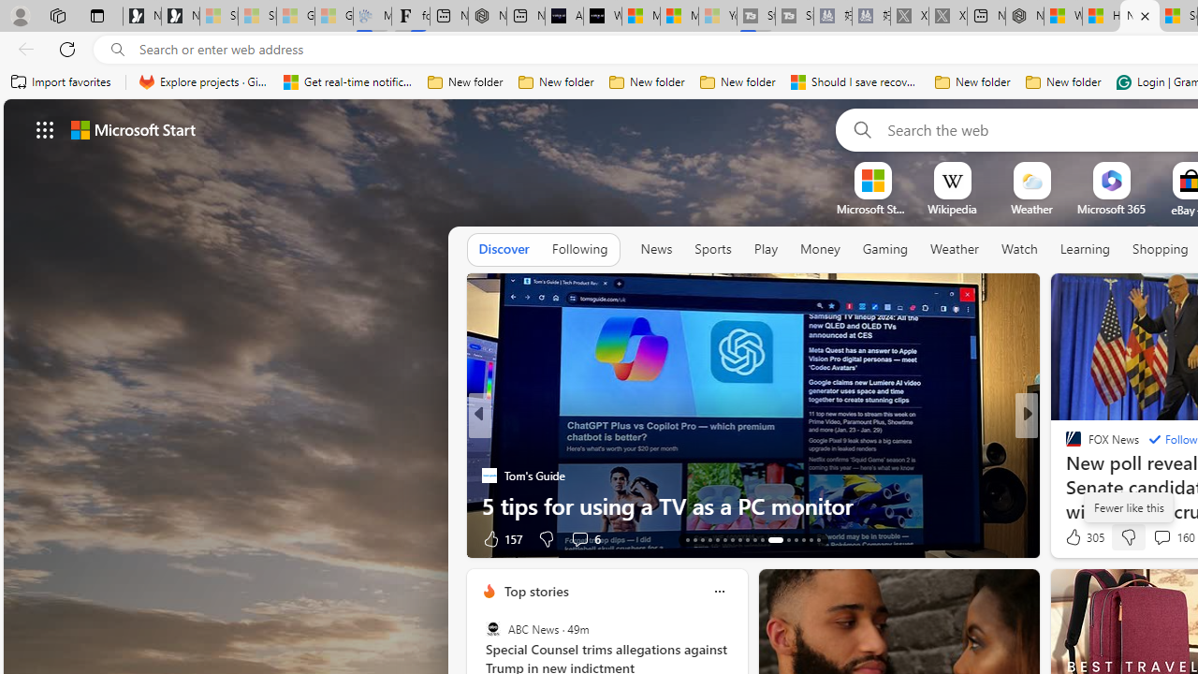 The image size is (1198, 674). What do you see at coordinates (955, 249) in the screenshot?
I see `'Weather'` at bounding box center [955, 249].